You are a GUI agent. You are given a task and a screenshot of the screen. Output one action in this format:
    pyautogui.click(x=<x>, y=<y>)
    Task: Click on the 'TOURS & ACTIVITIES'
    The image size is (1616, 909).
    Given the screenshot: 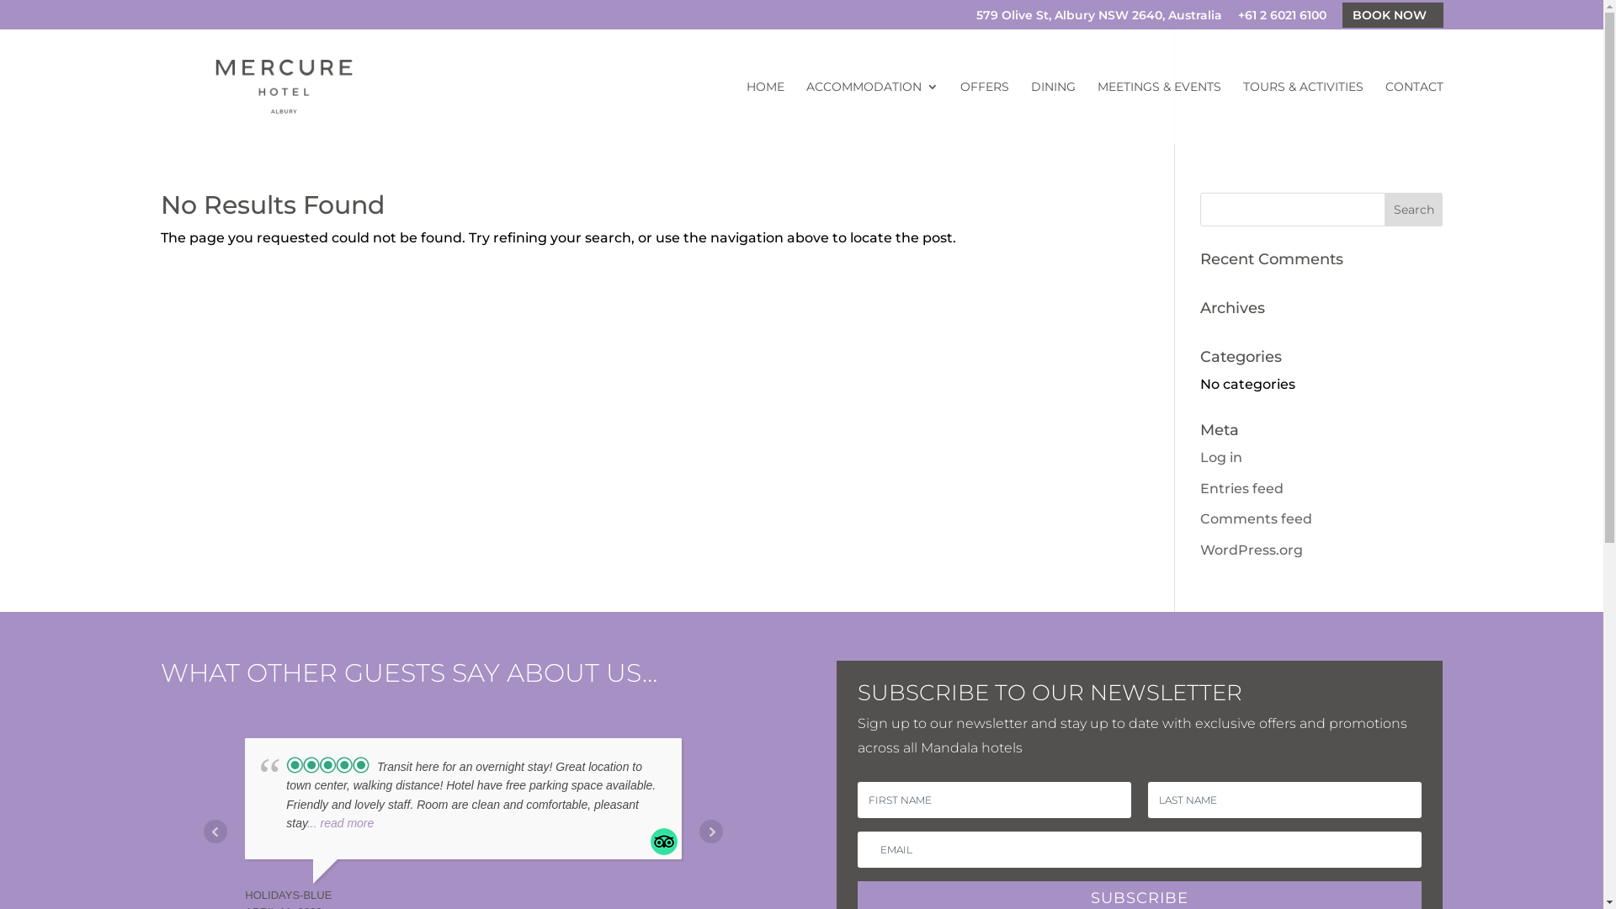 What is the action you would take?
    pyautogui.click(x=1301, y=112)
    